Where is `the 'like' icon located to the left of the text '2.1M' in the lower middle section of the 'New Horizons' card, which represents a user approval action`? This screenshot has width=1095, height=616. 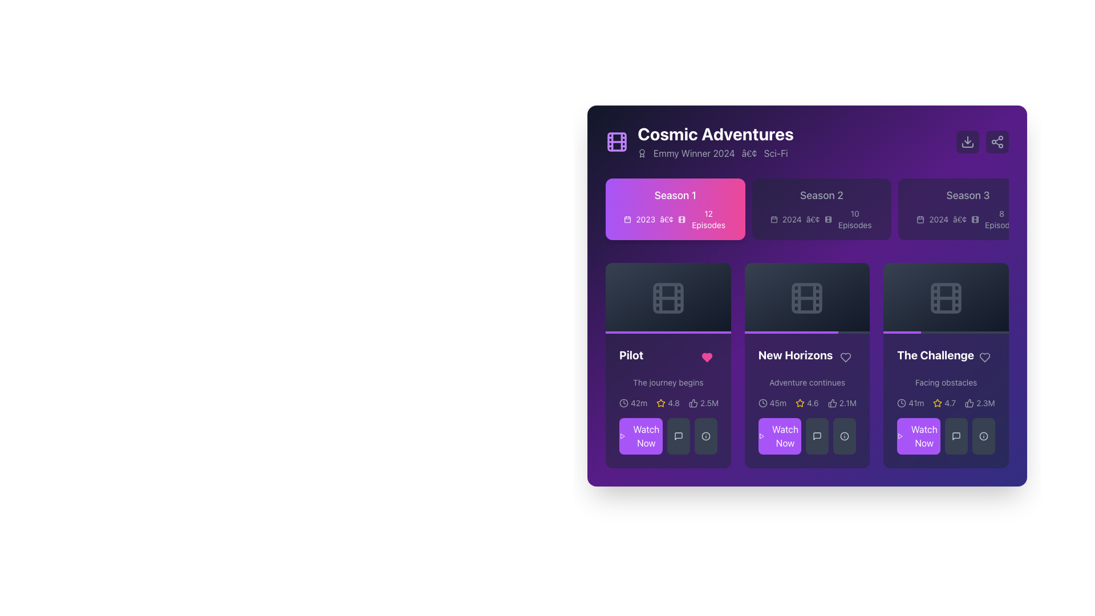
the 'like' icon located to the left of the text '2.1M' in the lower middle section of the 'New Horizons' card, which represents a user approval action is located at coordinates (832, 402).